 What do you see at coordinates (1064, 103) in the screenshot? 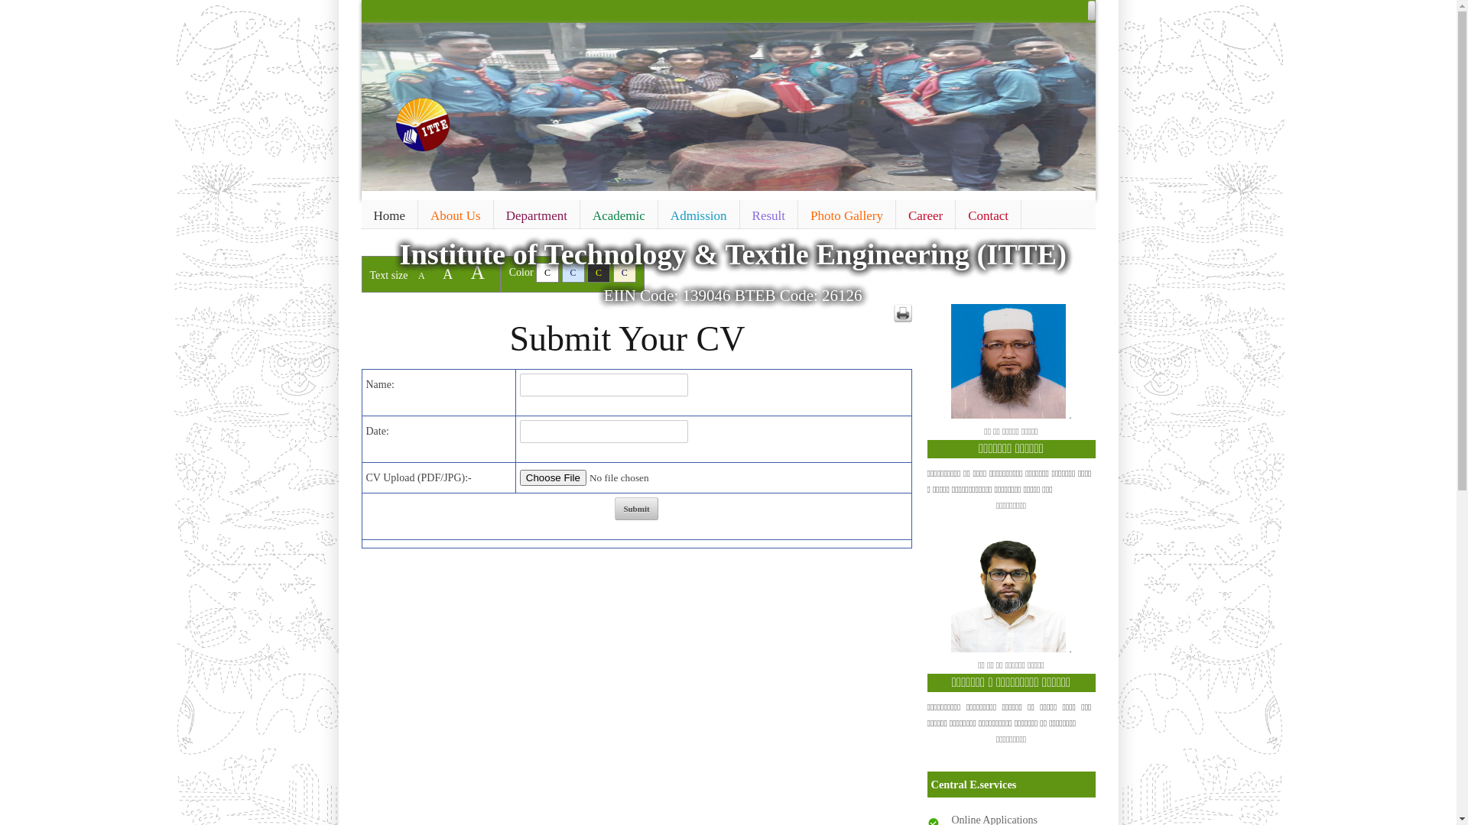
I see `'Next'` at bounding box center [1064, 103].